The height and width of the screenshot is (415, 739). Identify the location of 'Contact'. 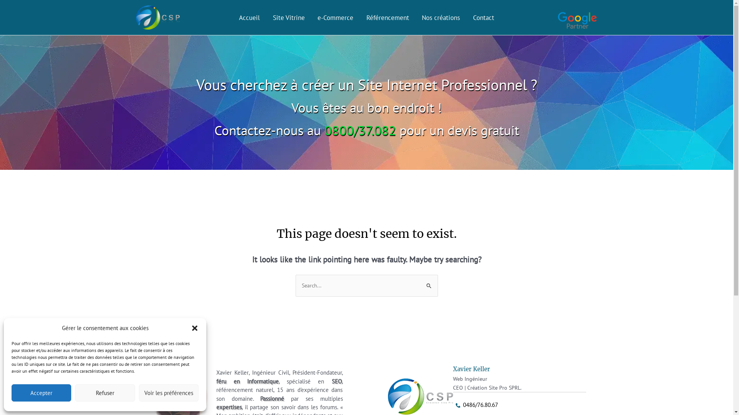
(483, 17).